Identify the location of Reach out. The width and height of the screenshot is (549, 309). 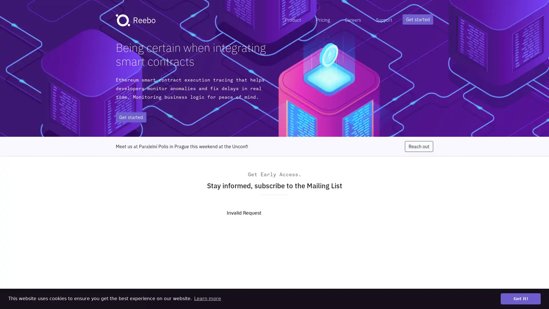
(419, 146).